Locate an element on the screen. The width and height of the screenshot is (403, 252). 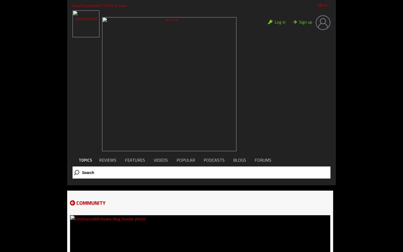
'VIDEOS' is located at coordinates (160, 160).